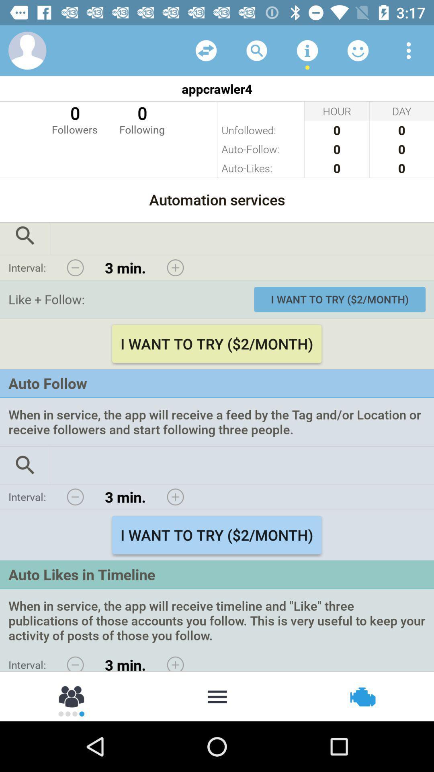  Describe the element at coordinates (175, 661) in the screenshot. I see `time` at that location.